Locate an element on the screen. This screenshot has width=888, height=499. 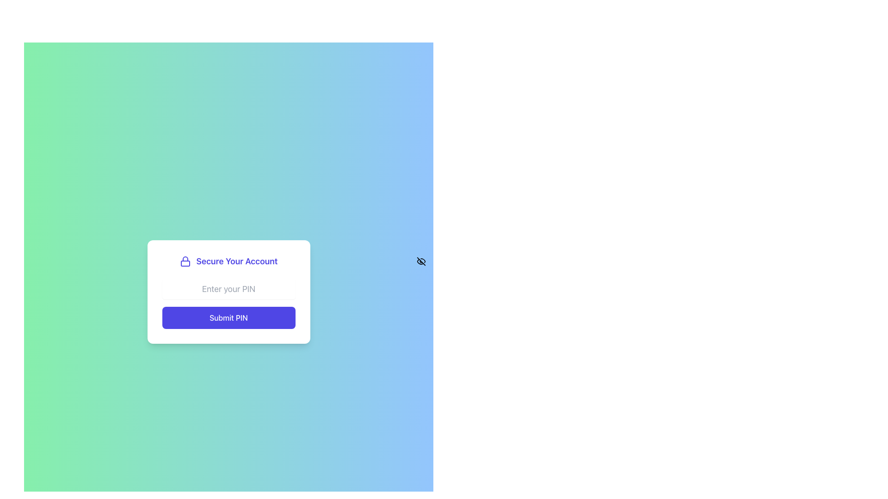
the lower rectangular section of the lock icon, which is part of the lock icon indicating security, located above the text 'Secure Your Account.' is located at coordinates (185, 263).